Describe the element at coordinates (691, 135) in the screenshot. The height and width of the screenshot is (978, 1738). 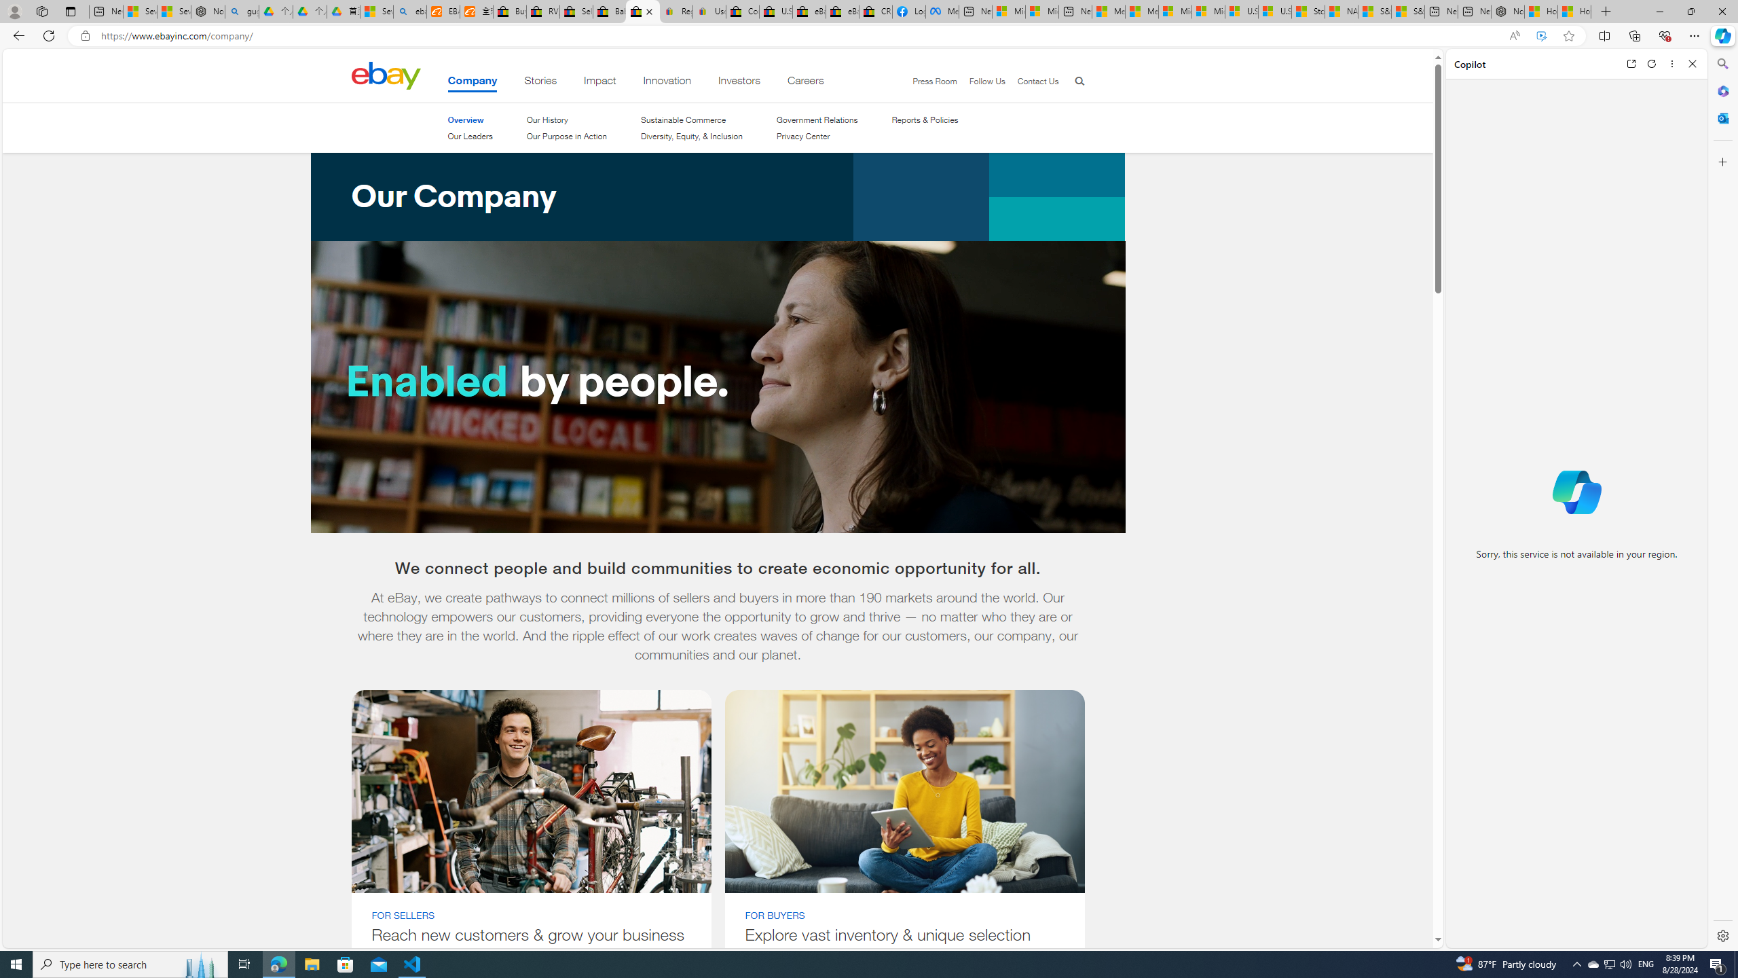
I see `'Diversity, Equity, & Inclusion'` at that location.